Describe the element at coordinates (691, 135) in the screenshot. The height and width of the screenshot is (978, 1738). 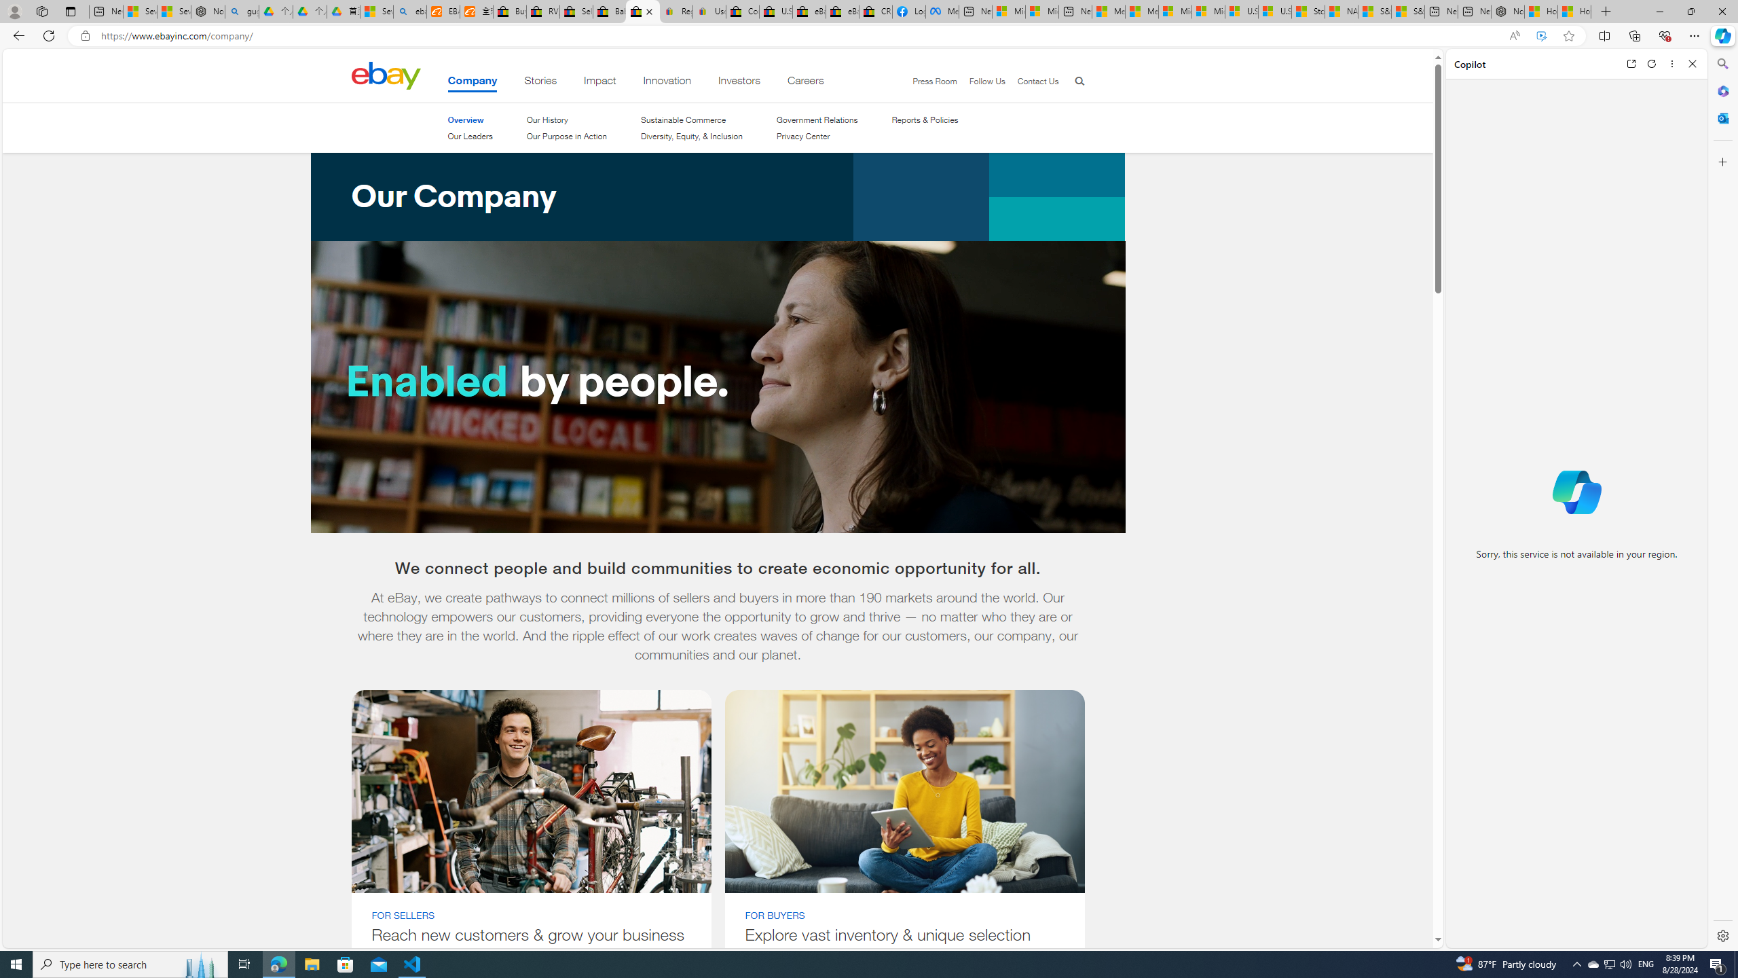
I see `'Diversity, Equity, & Inclusion'` at that location.